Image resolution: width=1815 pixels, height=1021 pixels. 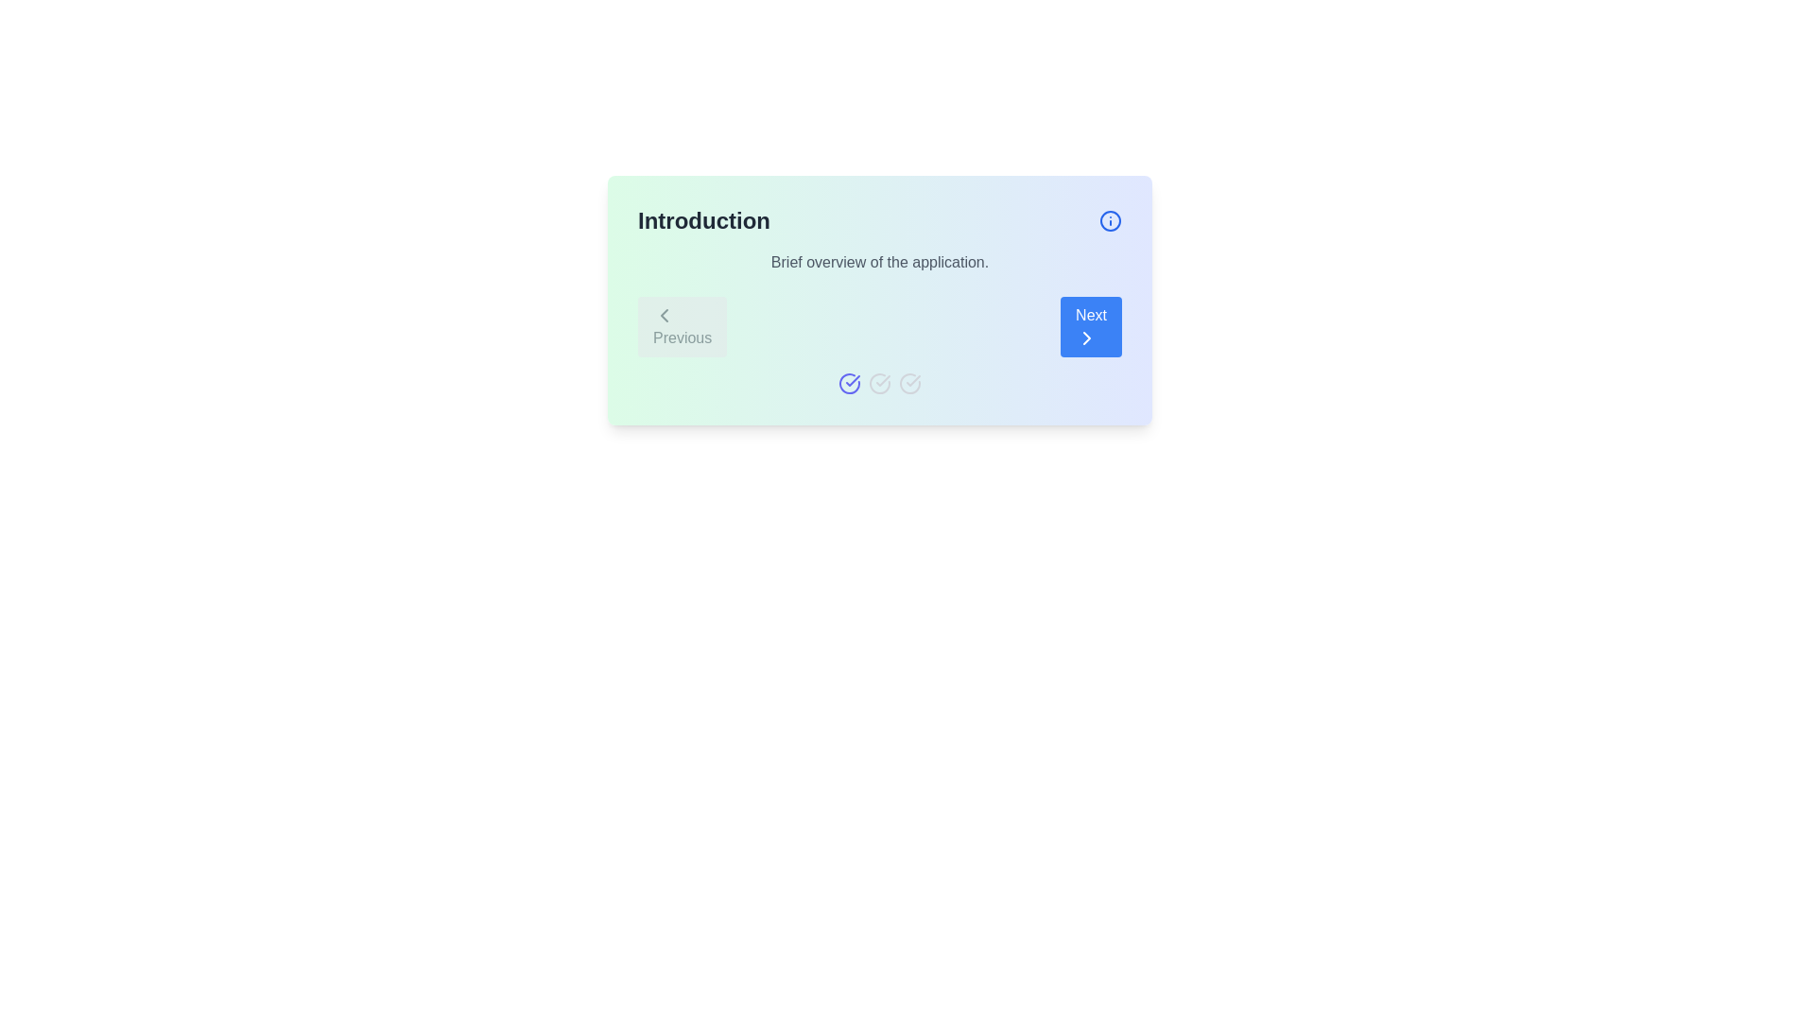 What do you see at coordinates (681, 326) in the screenshot?
I see `the 'Previous' button, which is the first button in the navigation control segment, featuring a left-pointing arrow and dark-gray text on a light-gray background` at bounding box center [681, 326].